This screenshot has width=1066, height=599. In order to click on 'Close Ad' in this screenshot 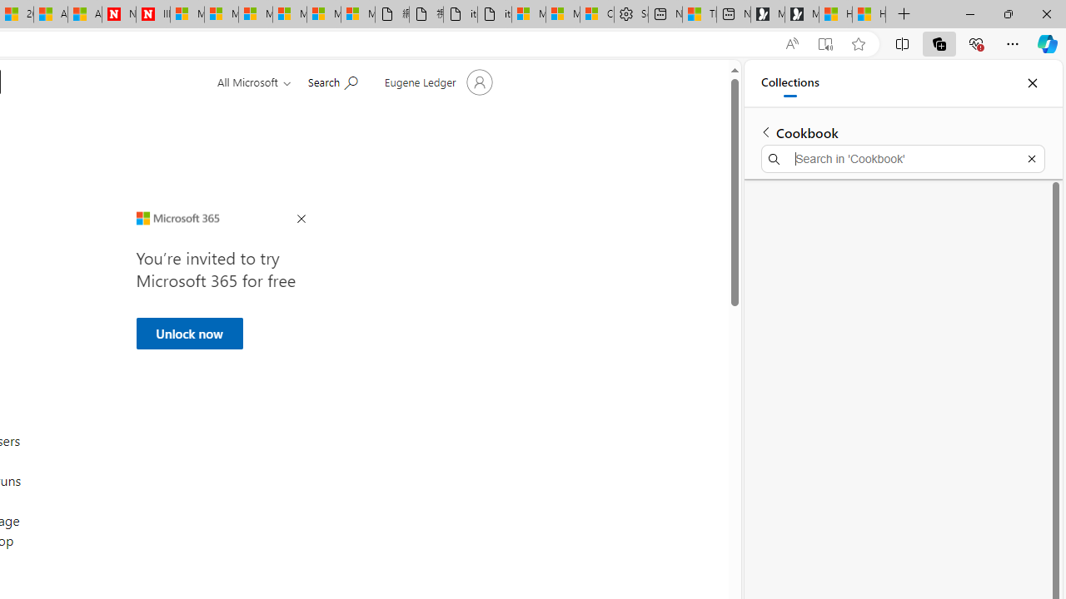, I will do `click(301, 219)`.